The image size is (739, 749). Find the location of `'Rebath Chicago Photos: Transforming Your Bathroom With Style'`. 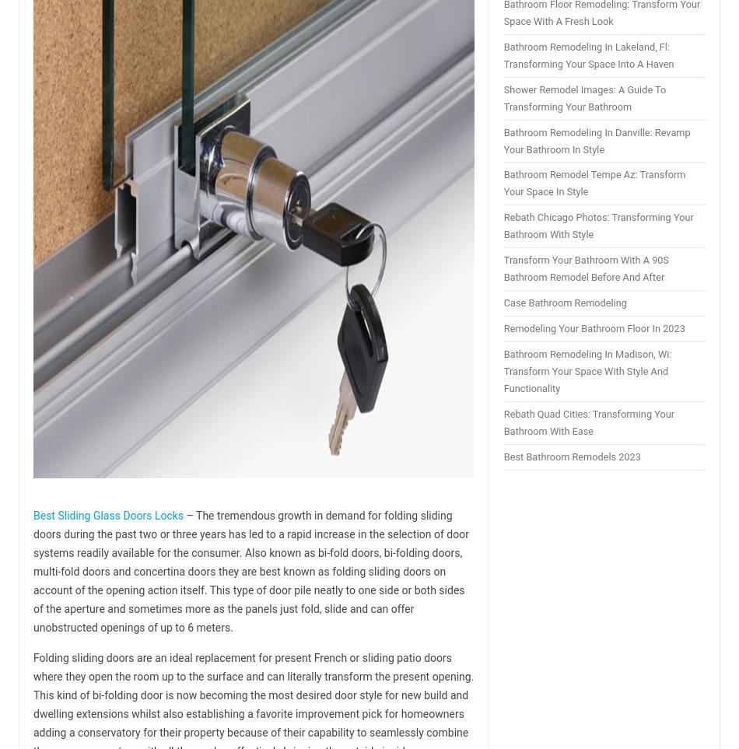

'Rebath Chicago Photos: Transforming Your Bathroom With Style' is located at coordinates (503, 225).